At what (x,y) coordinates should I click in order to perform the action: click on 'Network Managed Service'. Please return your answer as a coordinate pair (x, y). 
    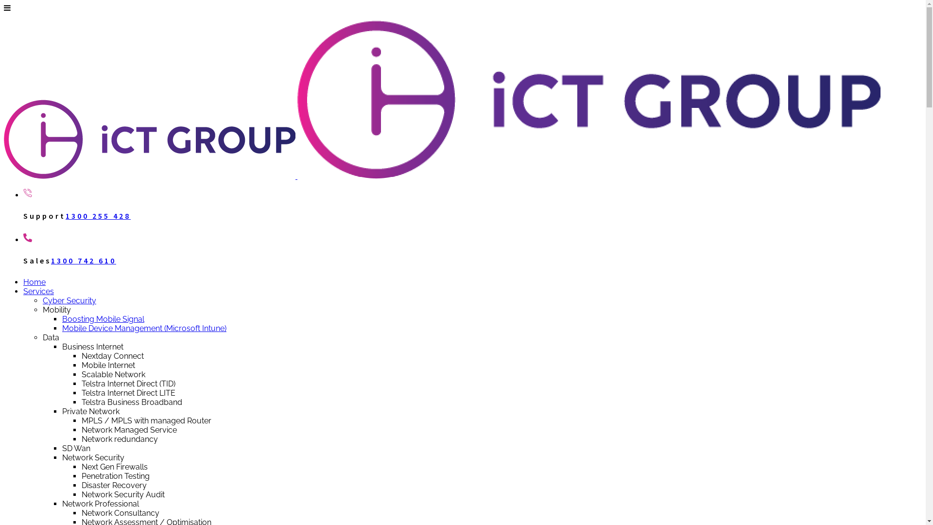
    Looking at the image, I should click on (128, 429).